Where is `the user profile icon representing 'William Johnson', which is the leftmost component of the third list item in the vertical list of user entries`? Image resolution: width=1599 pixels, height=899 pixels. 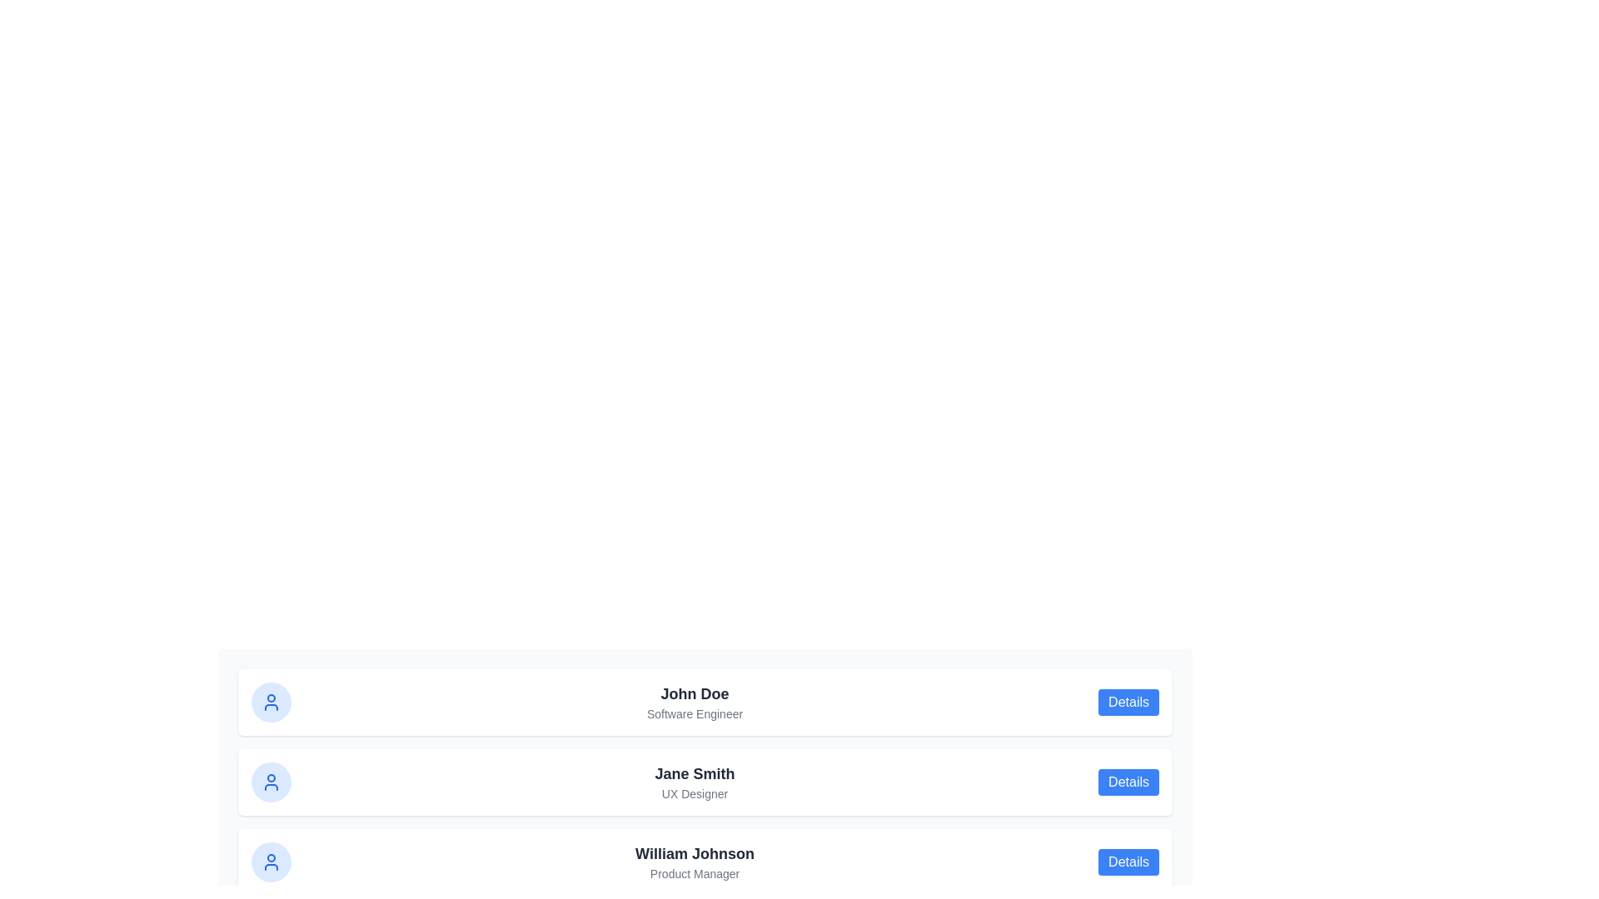
the user profile icon representing 'William Johnson', which is the leftmost component of the third list item in the vertical list of user entries is located at coordinates (271, 862).